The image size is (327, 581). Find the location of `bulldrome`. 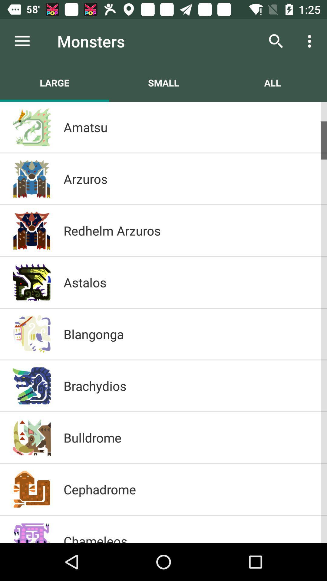

bulldrome is located at coordinates (189, 437).